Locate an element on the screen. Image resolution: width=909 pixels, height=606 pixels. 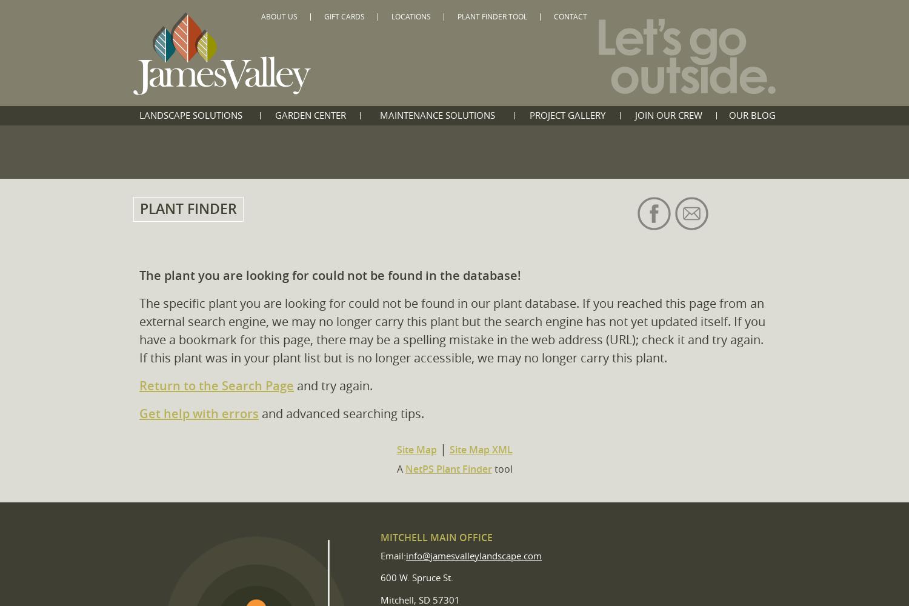
'600 W. Spruce St.' is located at coordinates (381, 577).